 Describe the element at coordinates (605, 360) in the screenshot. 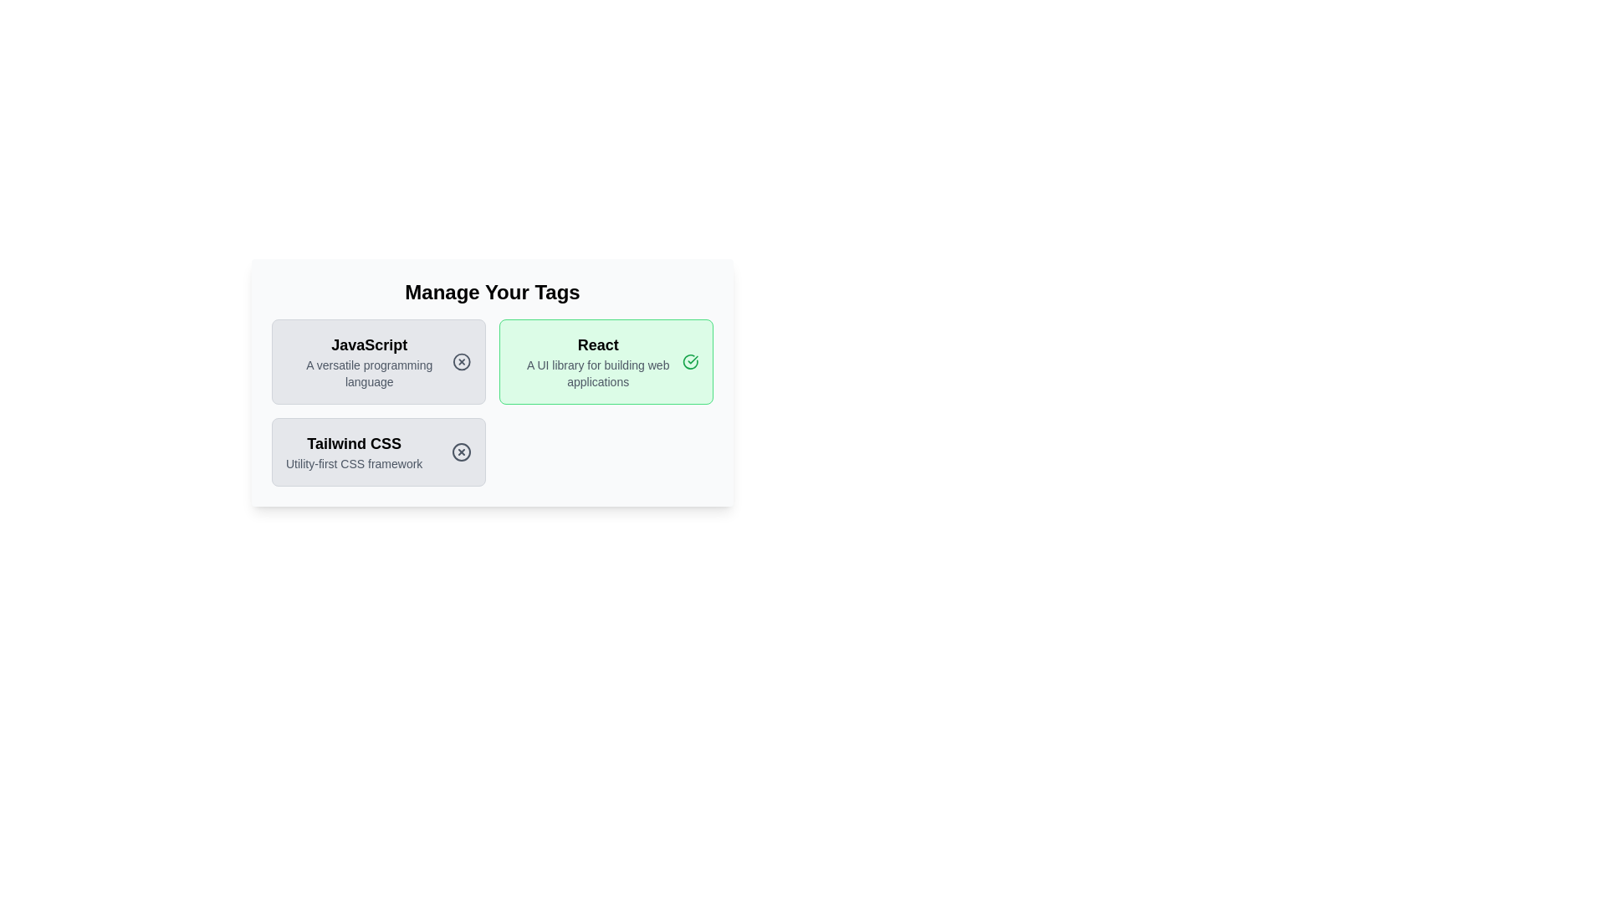

I see `the tag with name React` at that location.